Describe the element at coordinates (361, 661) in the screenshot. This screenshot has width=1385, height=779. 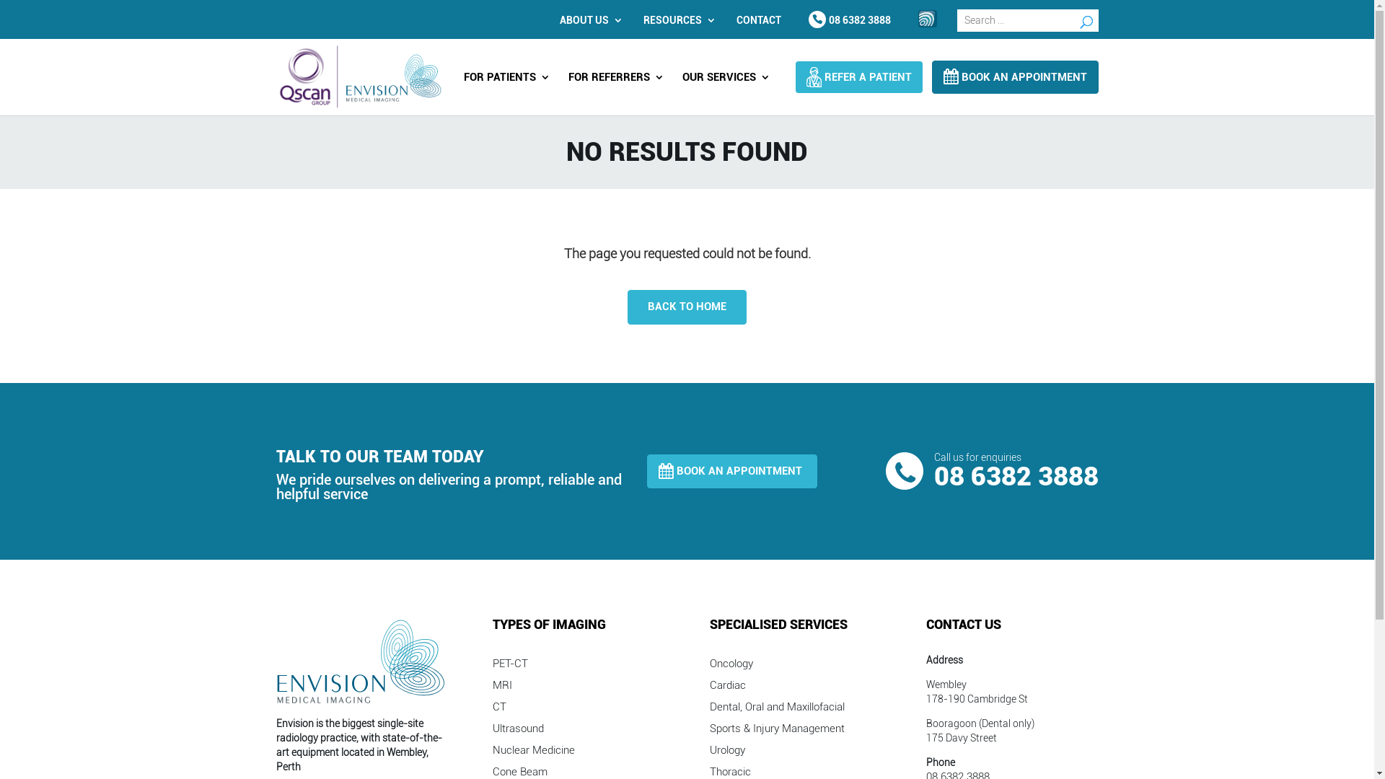
I see `'EMI_LOGO-01'` at that location.